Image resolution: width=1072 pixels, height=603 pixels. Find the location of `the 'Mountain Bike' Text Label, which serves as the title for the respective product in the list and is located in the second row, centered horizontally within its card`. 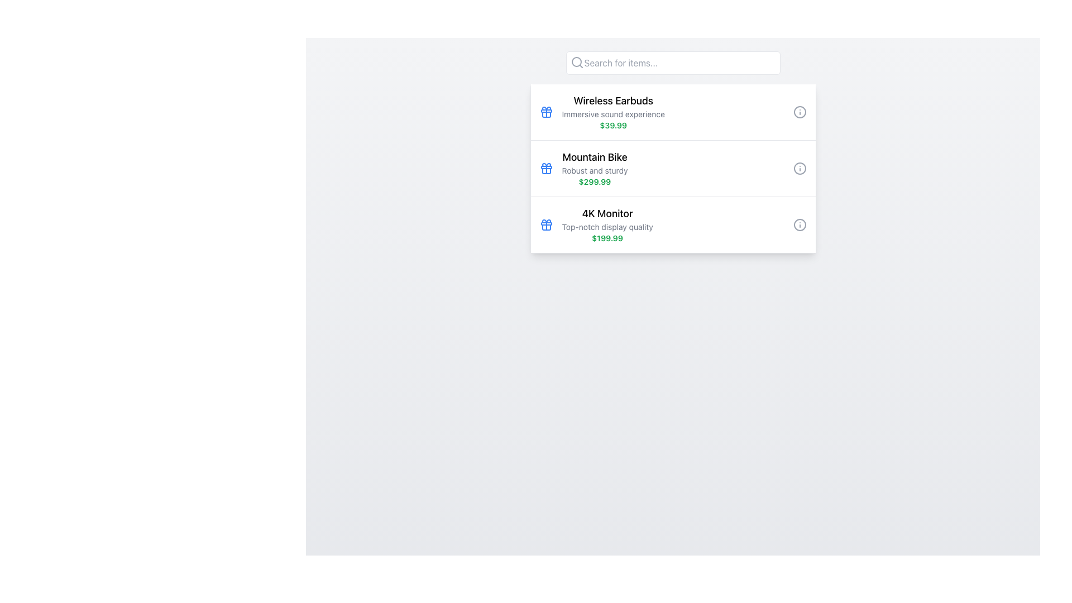

the 'Mountain Bike' Text Label, which serves as the title for the respective product in the list and is located in the second row, centered horizontally within its card is located at coordinates (594, 157).